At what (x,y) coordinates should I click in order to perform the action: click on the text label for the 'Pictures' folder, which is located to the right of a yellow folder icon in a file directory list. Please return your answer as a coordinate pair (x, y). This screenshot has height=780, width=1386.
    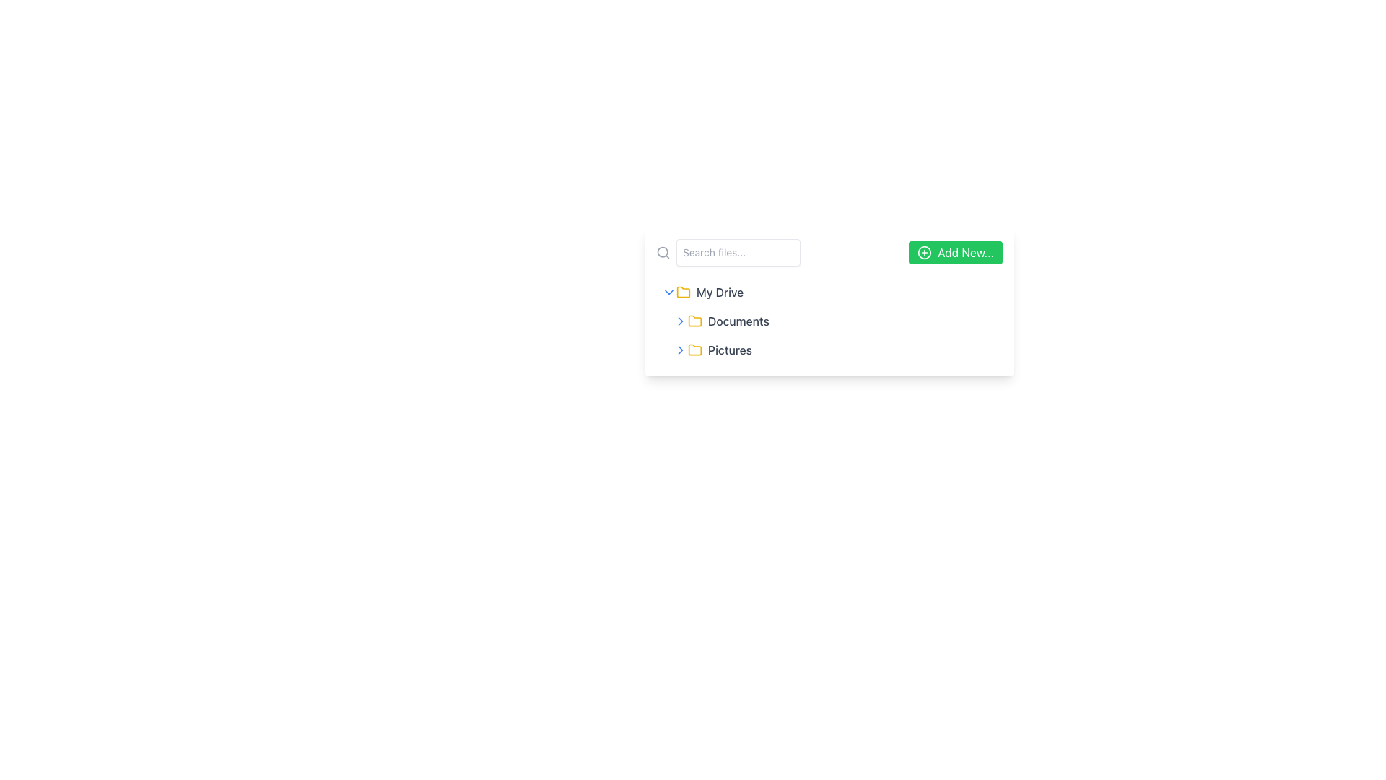
    Looking at the image, I should click on (730, 350).